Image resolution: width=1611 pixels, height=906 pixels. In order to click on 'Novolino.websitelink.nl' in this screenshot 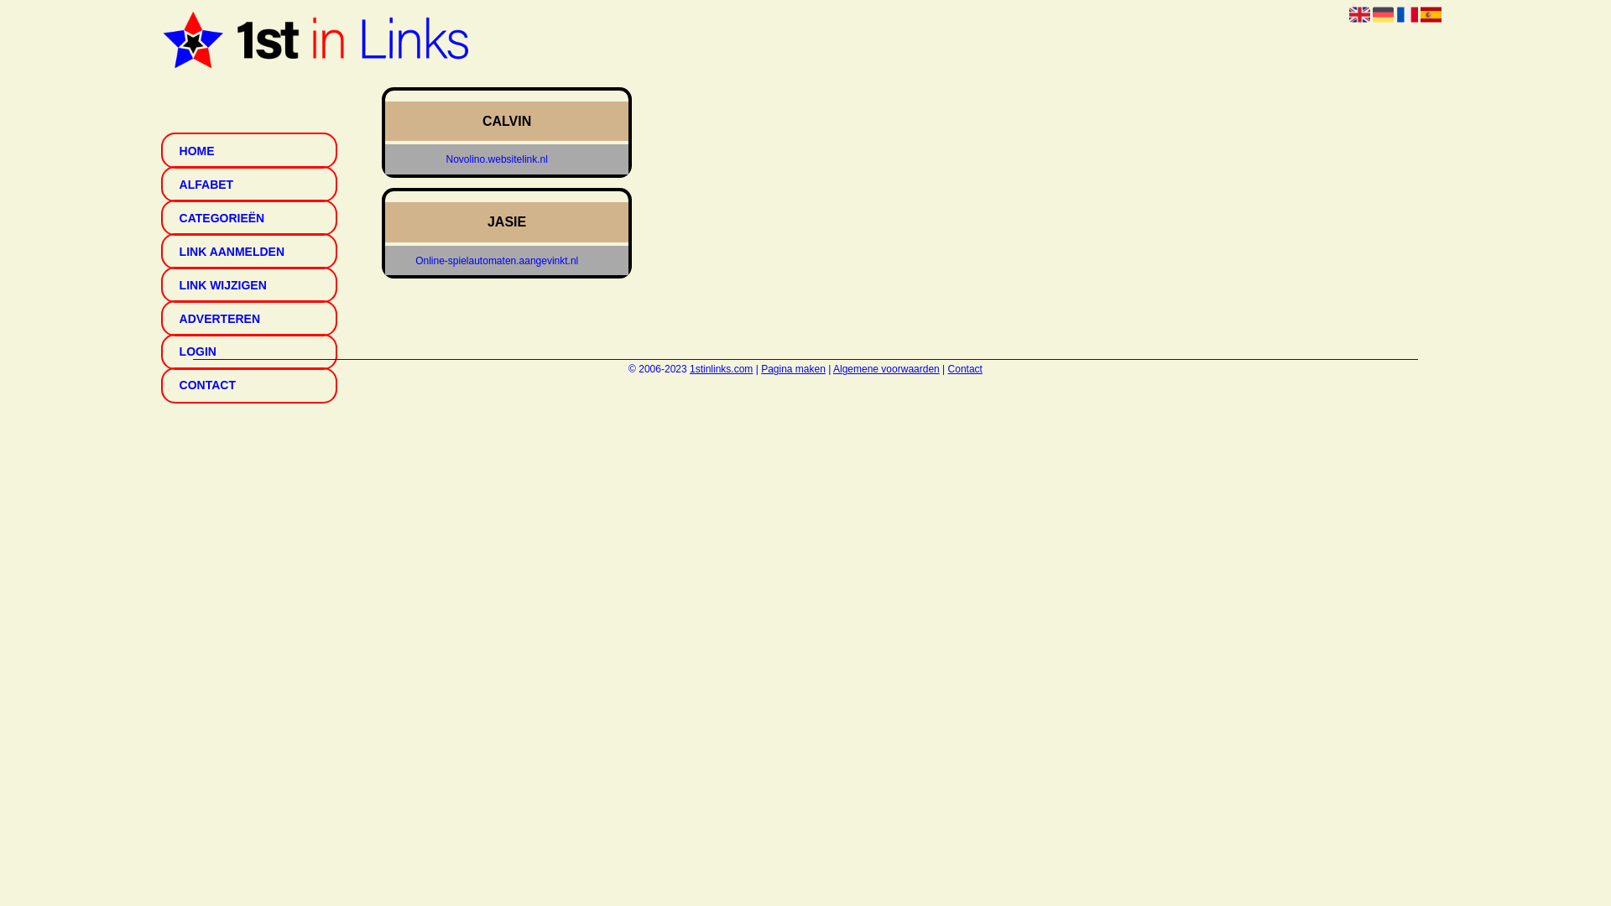, I will do `click(496, 159)`.